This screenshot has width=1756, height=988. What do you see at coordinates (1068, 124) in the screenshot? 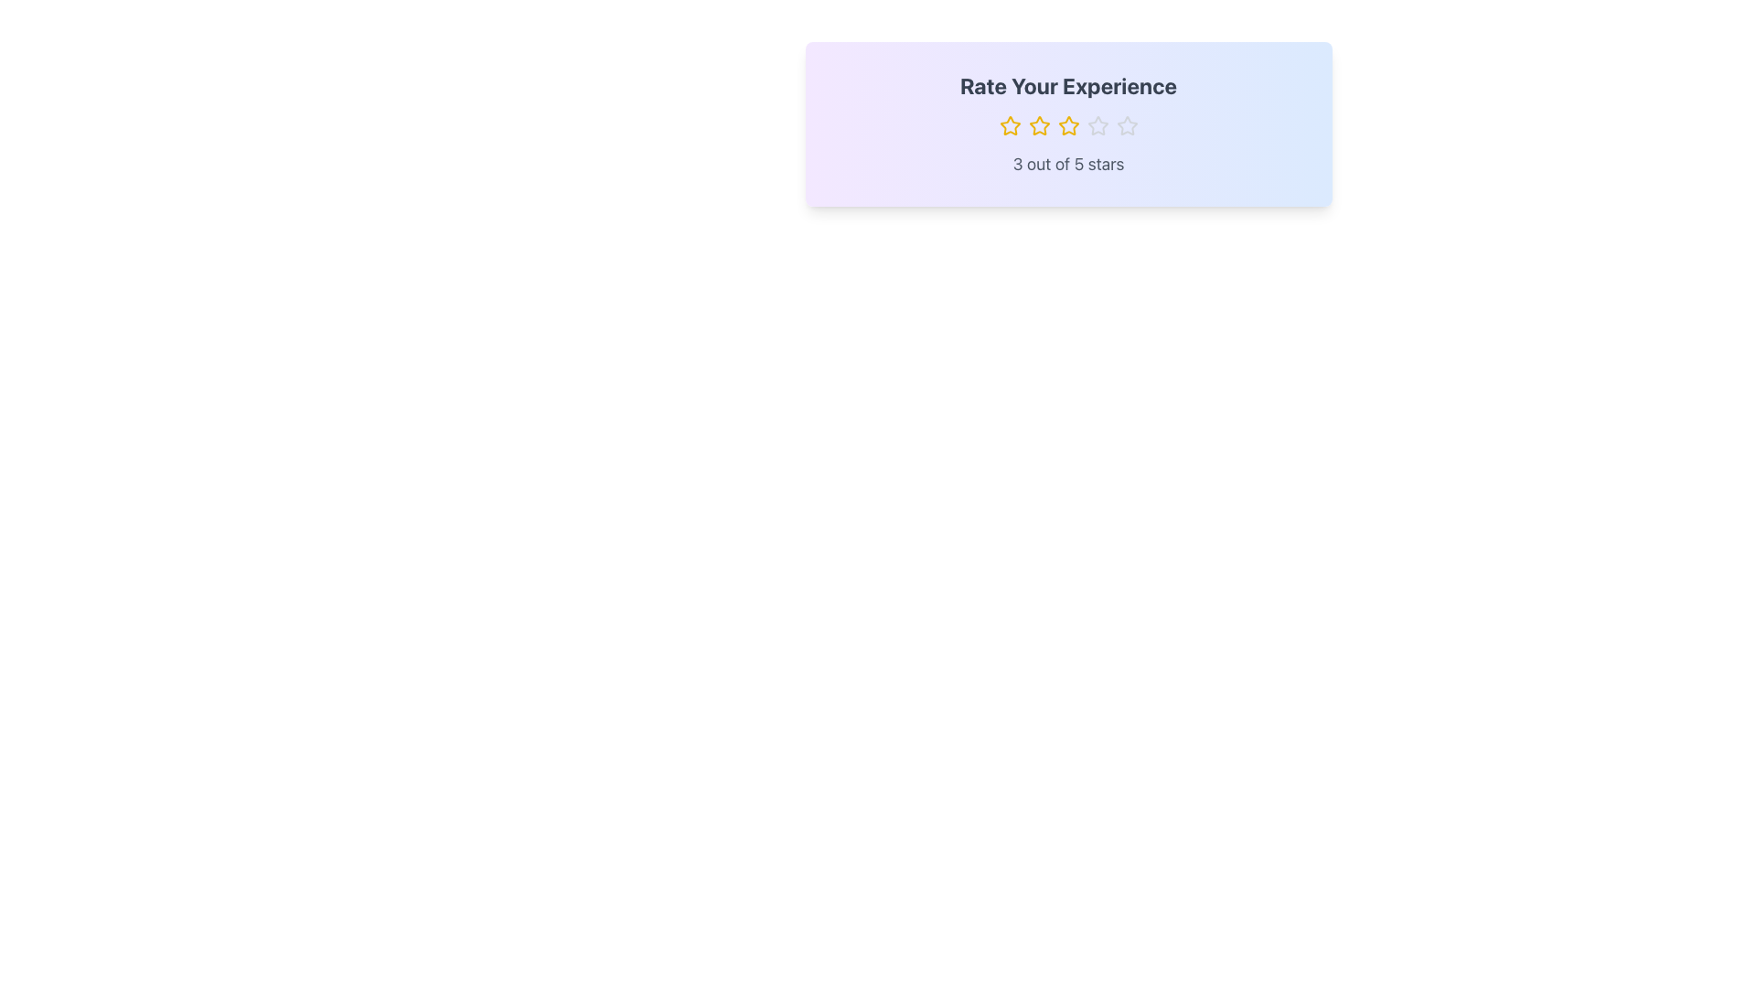
I see `the third star icon in the rating component` at bounding box center [1068, 124].